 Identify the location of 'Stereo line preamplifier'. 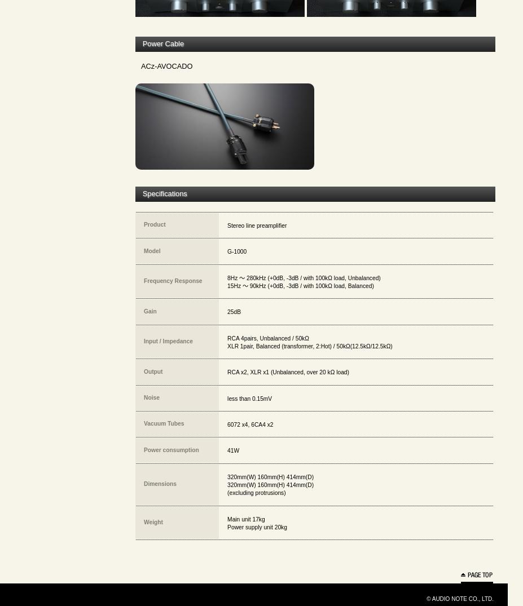
(256, 224).